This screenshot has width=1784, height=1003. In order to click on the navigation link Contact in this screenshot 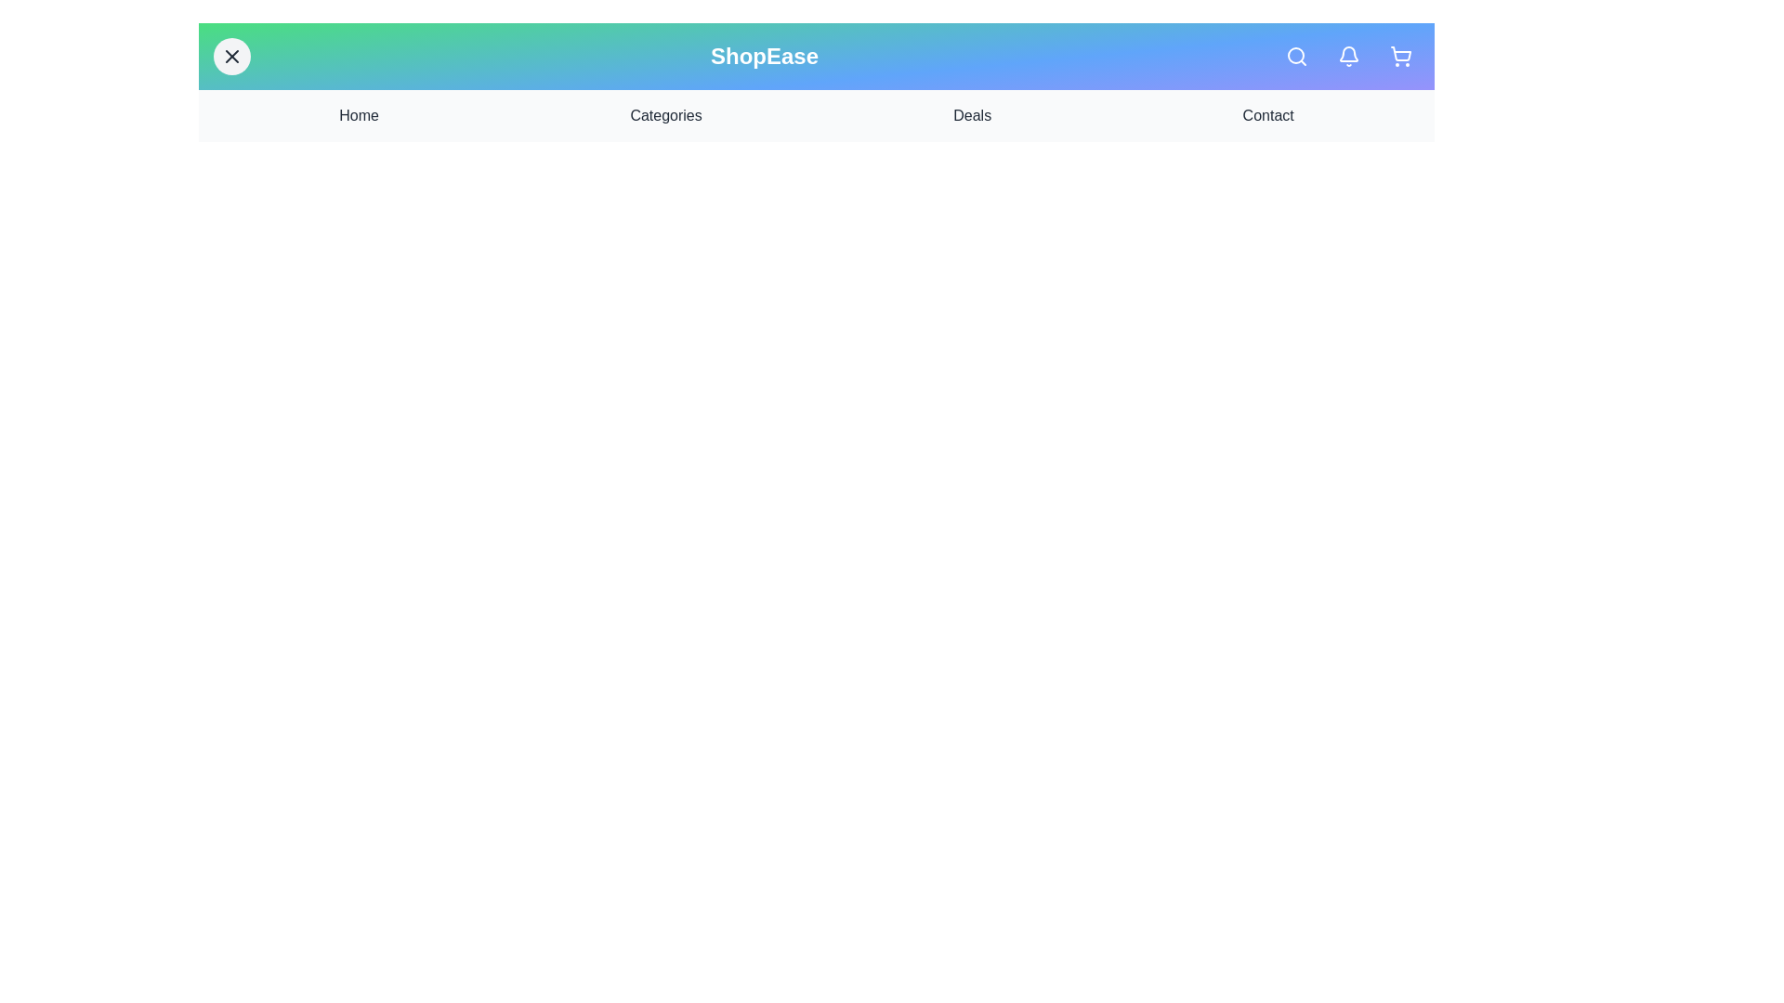, I will do `click(1266, 115)`.